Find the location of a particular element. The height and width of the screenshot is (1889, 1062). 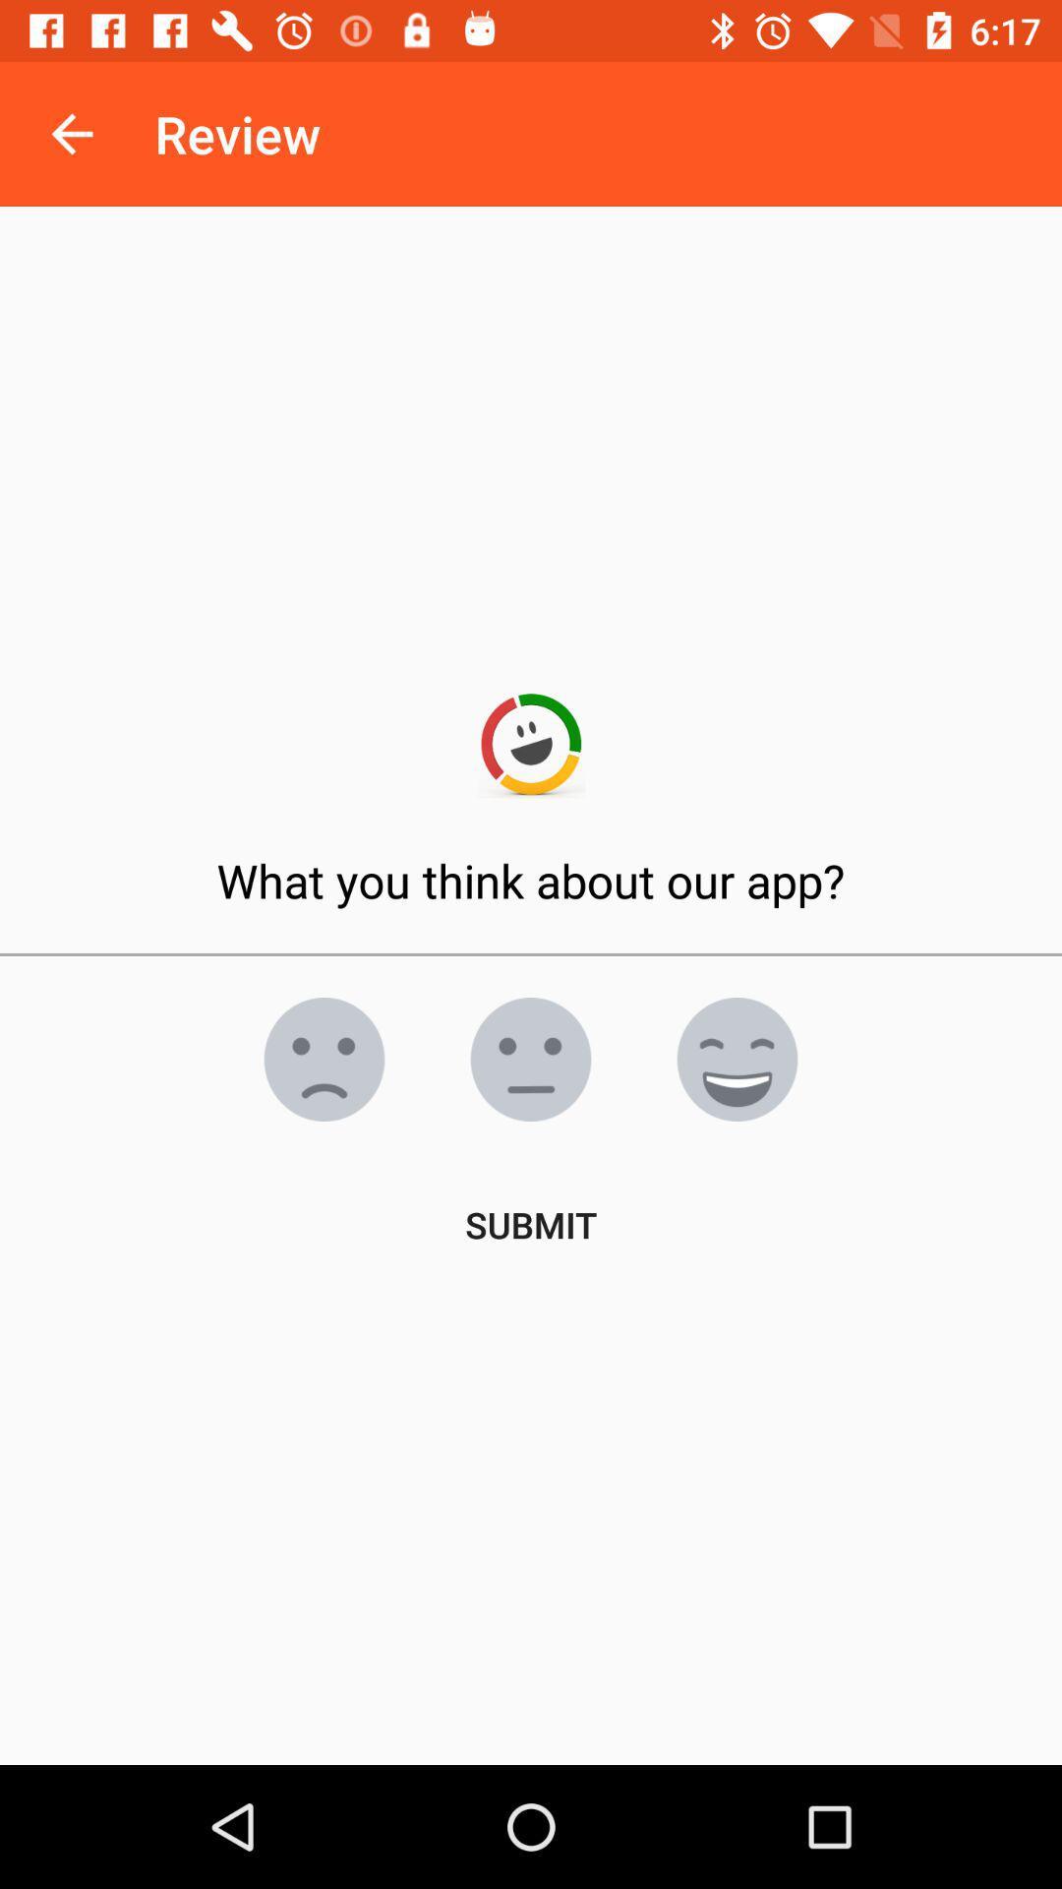

emoji is located at coordinates (737, 1058).